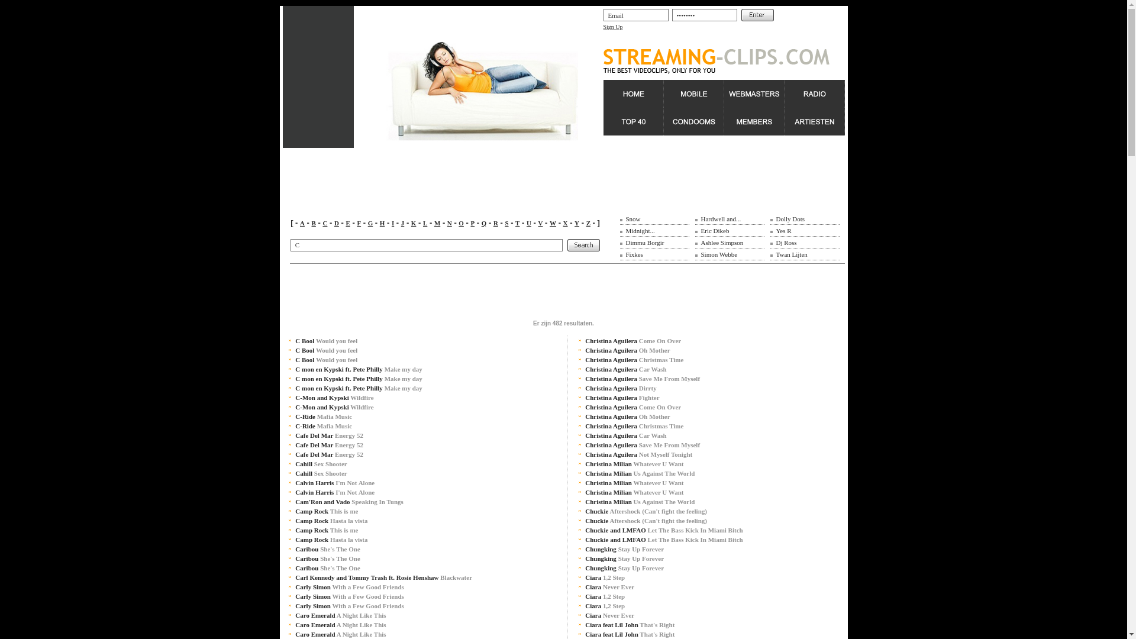 Image resolution: width=1136 pixels, height=639 pixels. I want to click on 'G', so click(367, 223).